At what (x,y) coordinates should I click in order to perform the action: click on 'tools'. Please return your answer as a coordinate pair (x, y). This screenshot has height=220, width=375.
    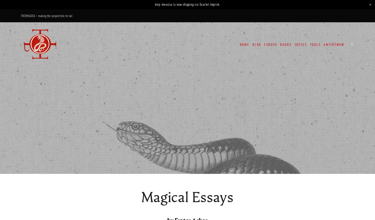
    Looking at the image, I should click on (315, 44).